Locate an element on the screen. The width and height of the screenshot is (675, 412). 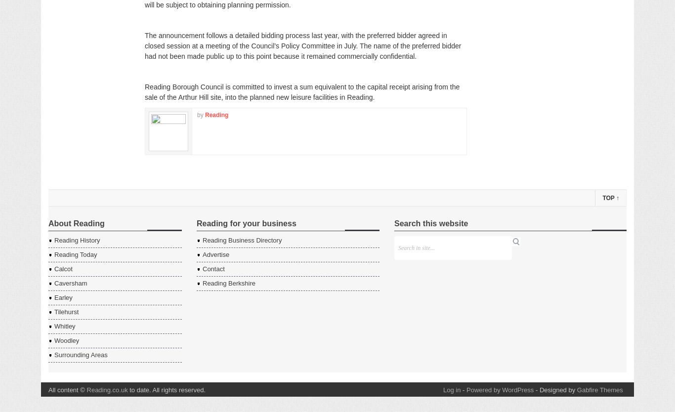
'- 
 Designed by' is located at coordinates (554, 389).